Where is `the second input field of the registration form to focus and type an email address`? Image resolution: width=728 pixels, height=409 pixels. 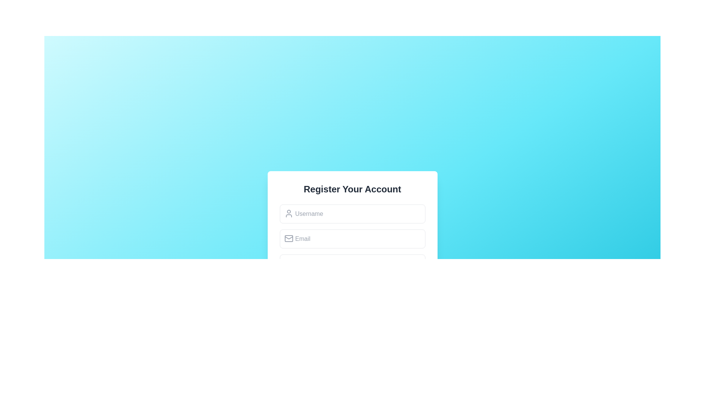
the second input field of the registration form to focus and type an email address is located at coordinates (352, 240).